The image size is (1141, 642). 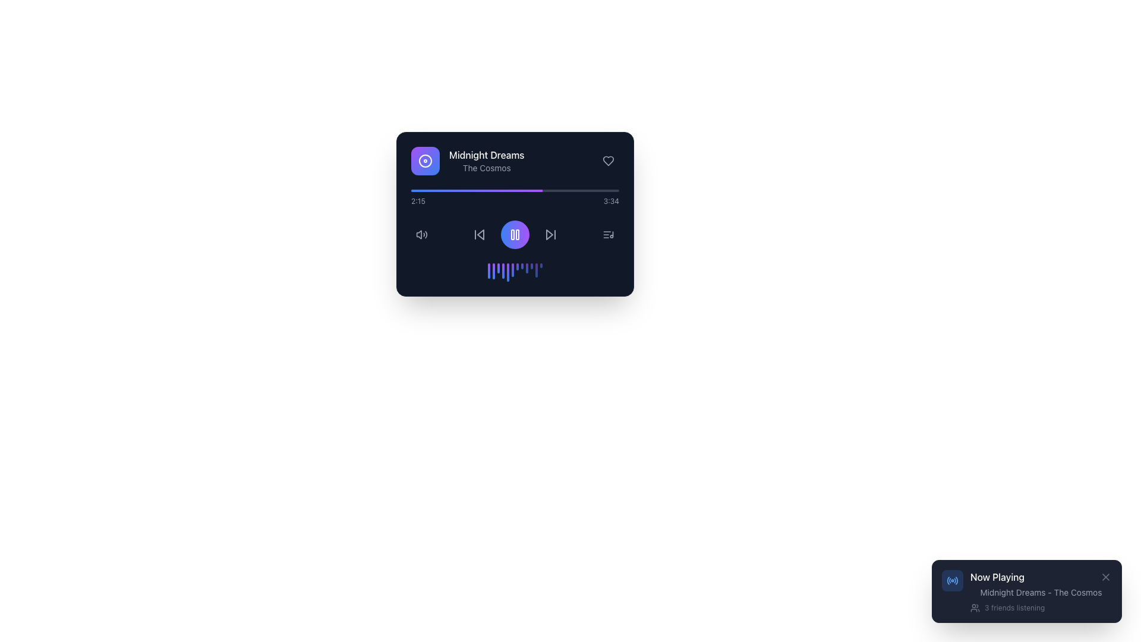 What do you see at coordinates (1026, 591) in the screenshot?
I see `the Notification banner displaying 'Now Playing' with the description 'Midnight Dreams - The Cosmos' and detail '3 friends listening'` at bounding box center [1026, 591].